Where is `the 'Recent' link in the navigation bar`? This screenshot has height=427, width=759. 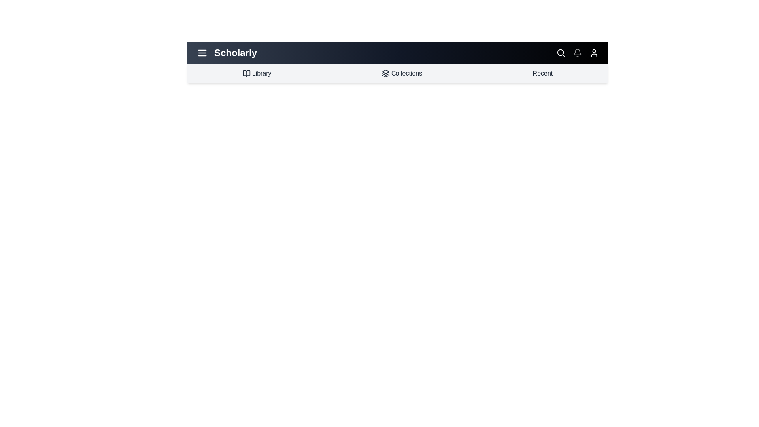
the 'Recent' link in the navigation bar is located at coordinates (542, 73).